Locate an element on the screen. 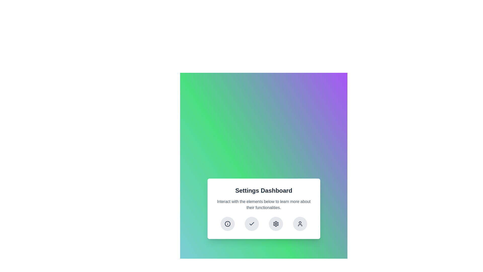  the gear-shaped icon in the bottom-centered interactive panel is located at coordinates (275, 223).